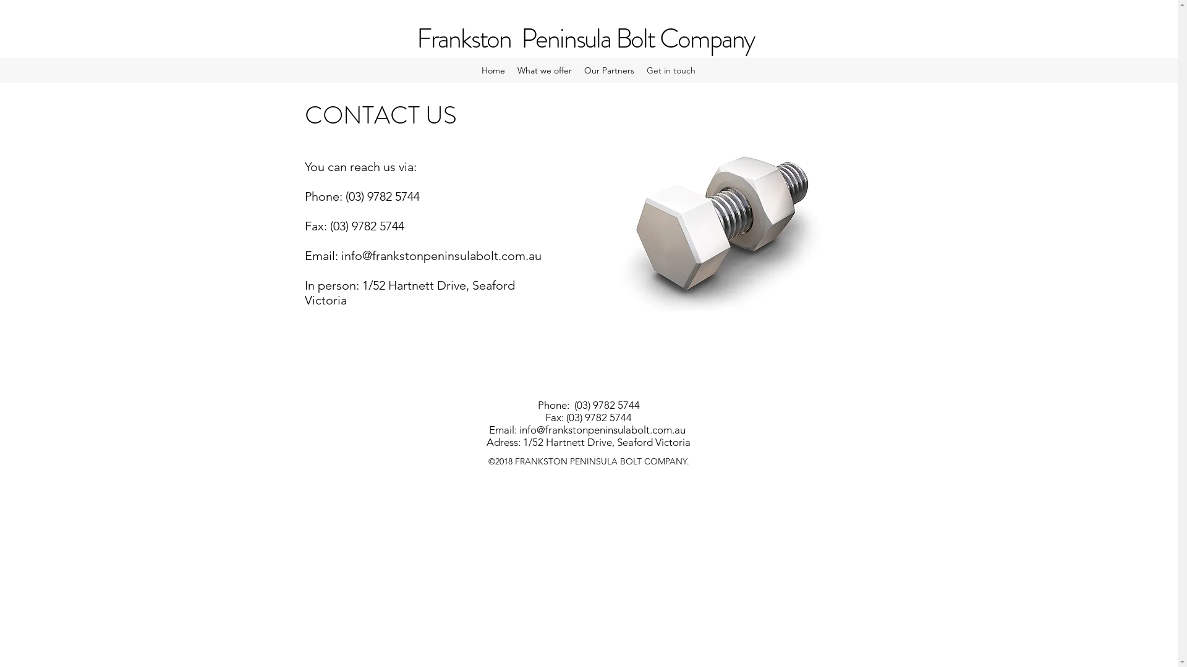 The width and height of the screenshot is (1187, 667). What do you see at coordinates (474, 70) in the screenshot?
I see `'Home'` at bounding box center [474, 70].